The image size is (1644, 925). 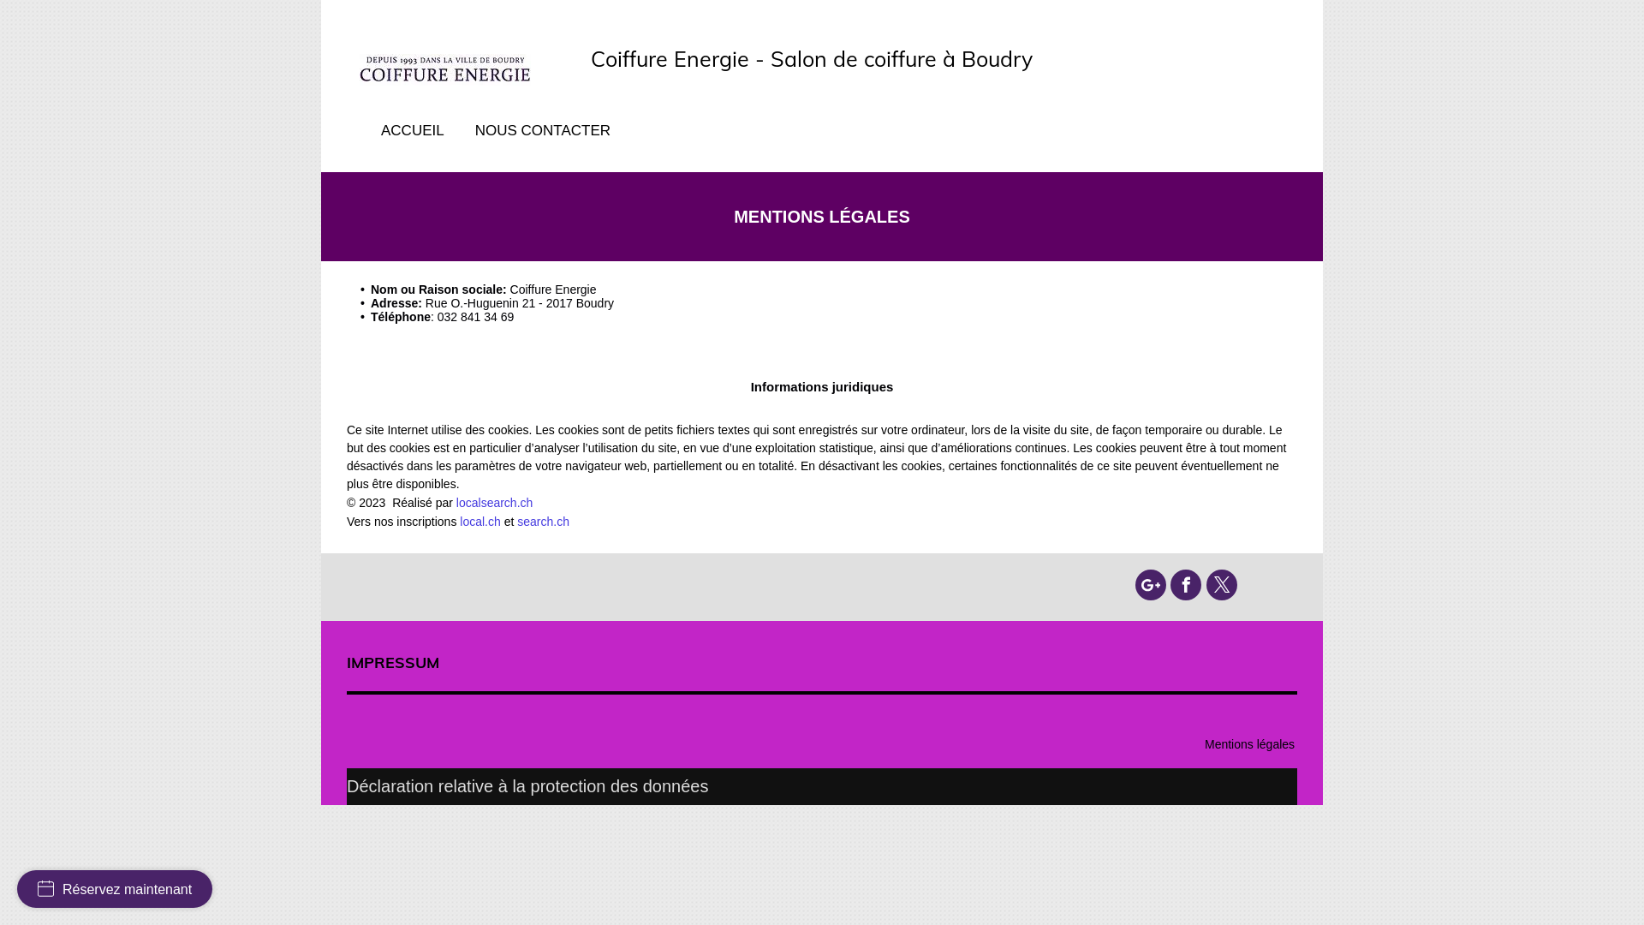 I want to click on '032 841 34 69', so click(x=437, y=317).